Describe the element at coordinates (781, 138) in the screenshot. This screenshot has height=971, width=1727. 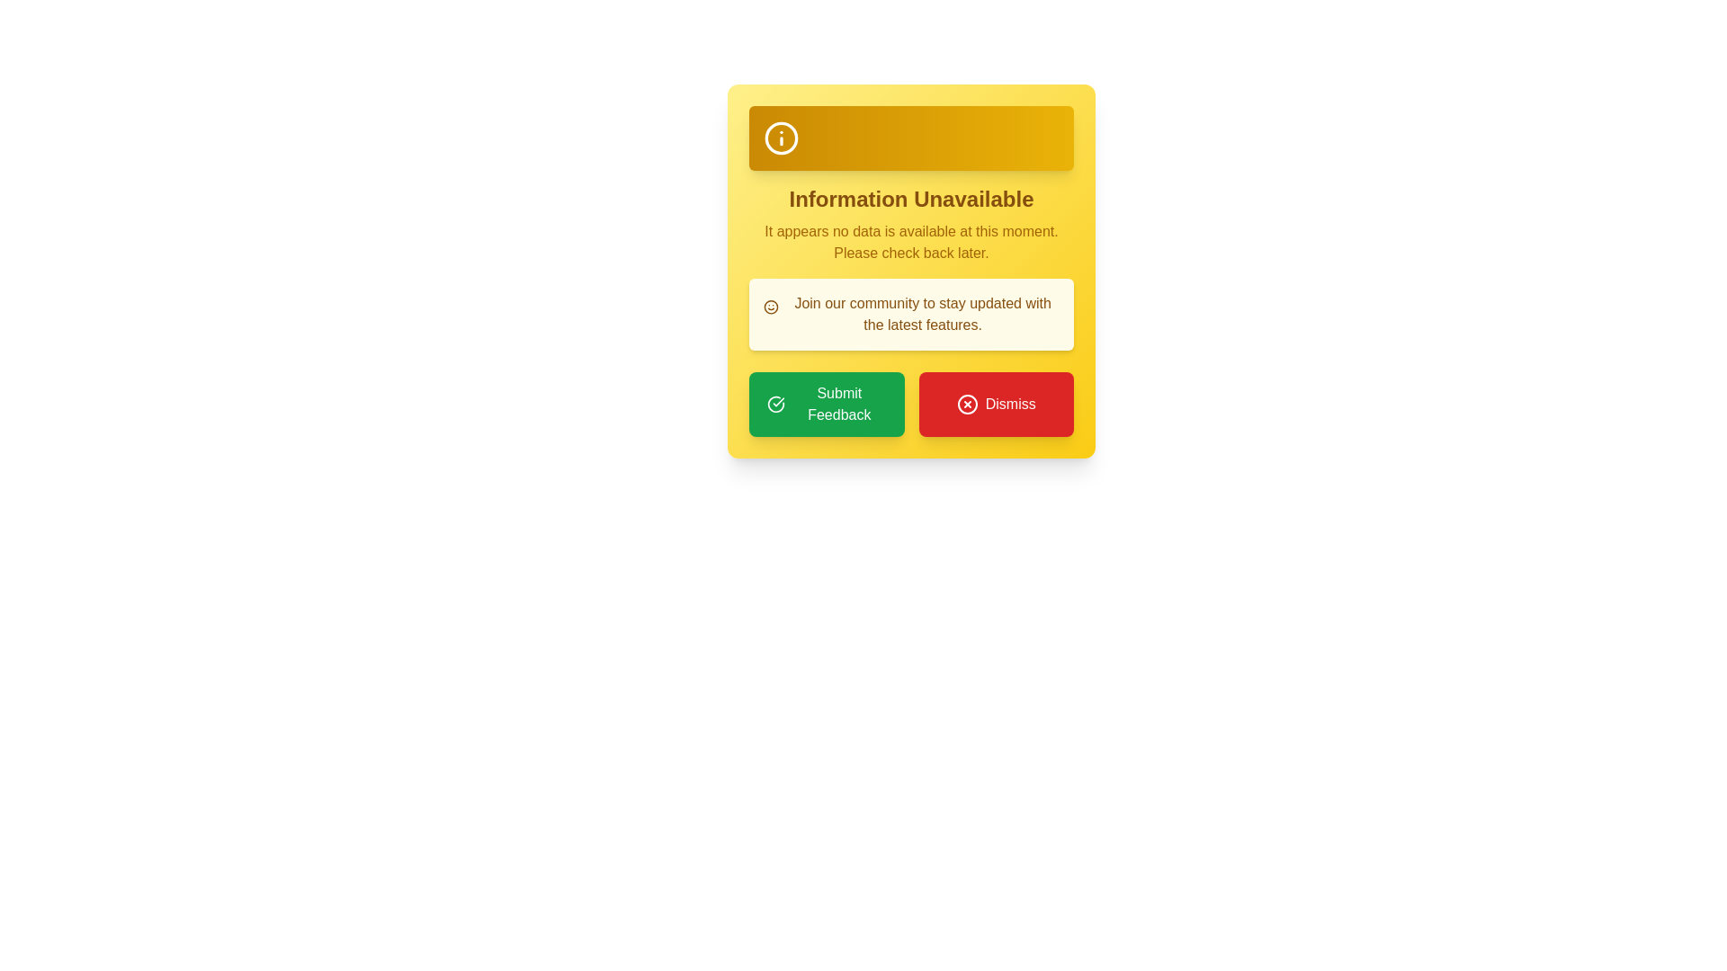
I see `the circular graphic icon within the yellow notification box located at the top-left corner, which represents an information or alert symbol` at that location.